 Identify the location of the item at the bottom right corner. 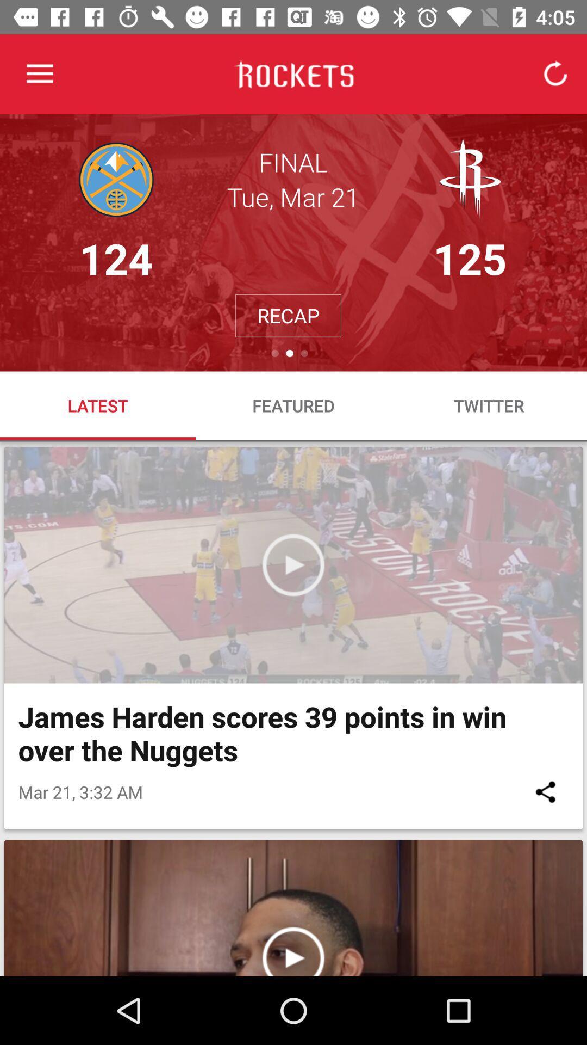
(545, 792).